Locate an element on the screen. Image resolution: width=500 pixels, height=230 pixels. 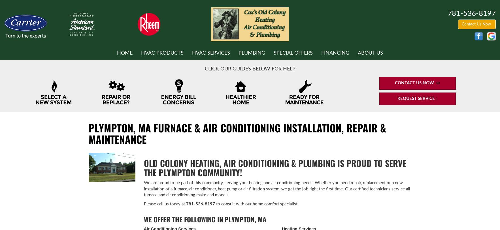
'HVAC Products' is located at coordinates (141, 52).